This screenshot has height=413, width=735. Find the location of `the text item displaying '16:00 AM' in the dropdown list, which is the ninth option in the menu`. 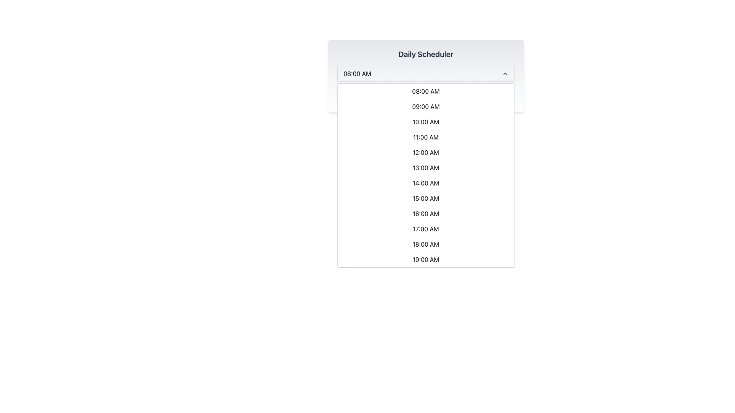

the text item displaying '16:00 AM' in the dropdown list, which is the ninth option in the menu is located at coordinates (425, 214).